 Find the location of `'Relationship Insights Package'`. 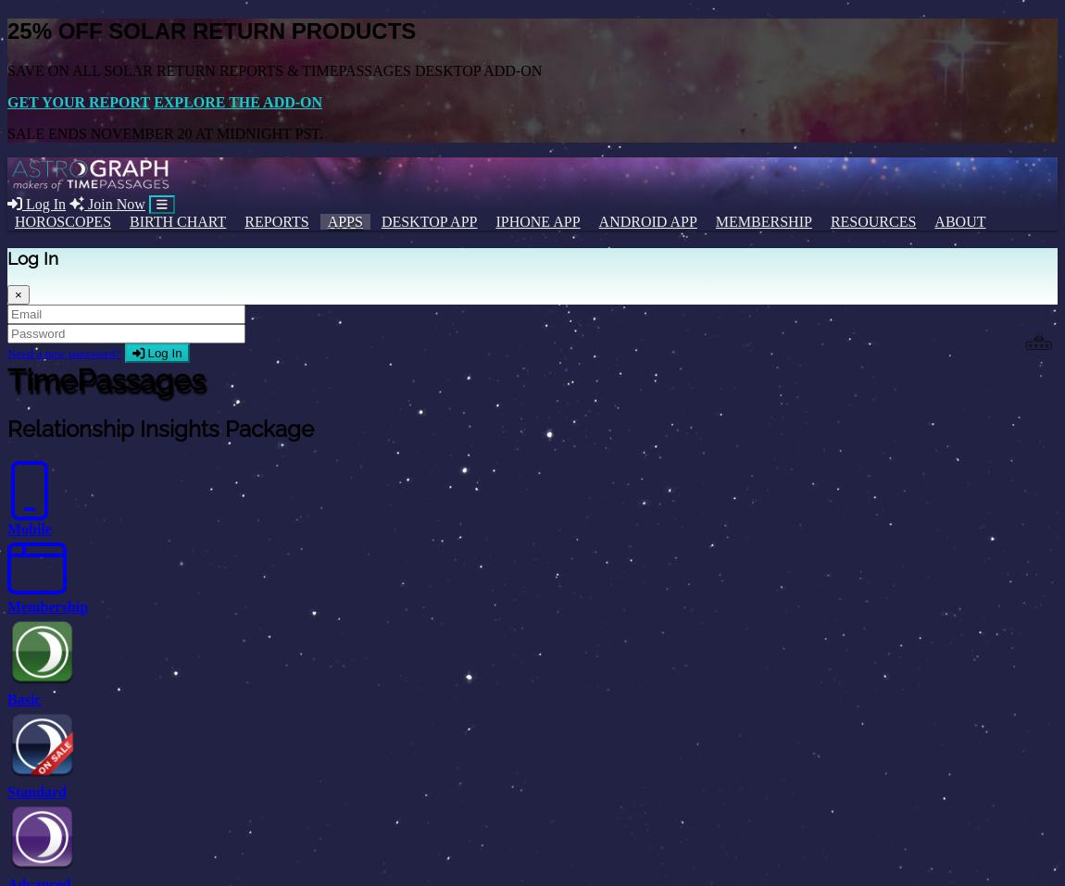

'Relationship Insights Package' is located at coordinates (159, 428).